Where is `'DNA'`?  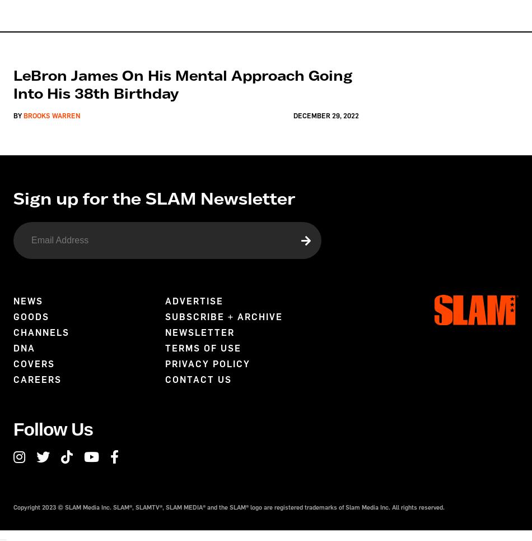 'DNA' is located at coordinates (24, 347).